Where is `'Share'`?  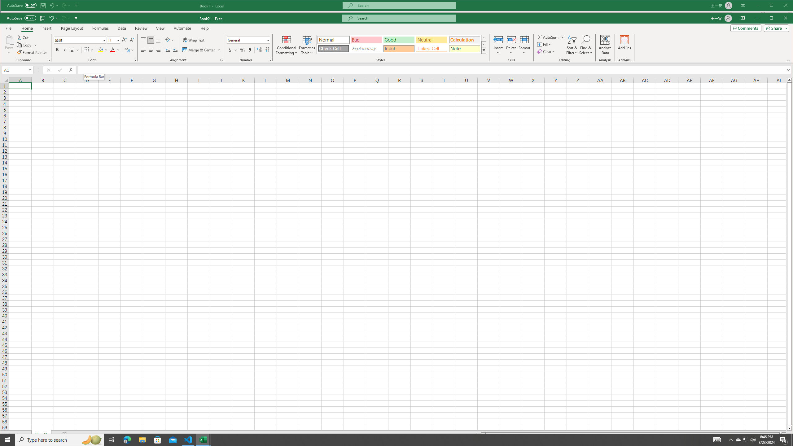
'Share' is located at coordinates (775, 28).